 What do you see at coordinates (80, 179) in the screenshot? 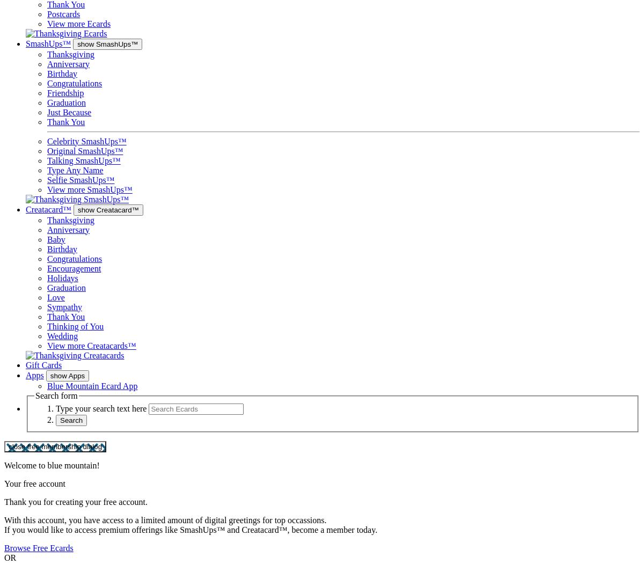
I see `'Selfie SmashUps™'` at bounding box center [80, 179].